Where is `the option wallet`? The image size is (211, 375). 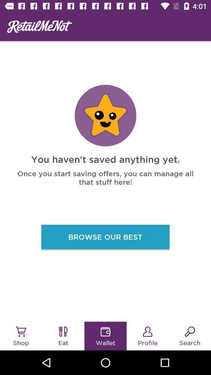 the option wallet is located at coordinates (105, 331).